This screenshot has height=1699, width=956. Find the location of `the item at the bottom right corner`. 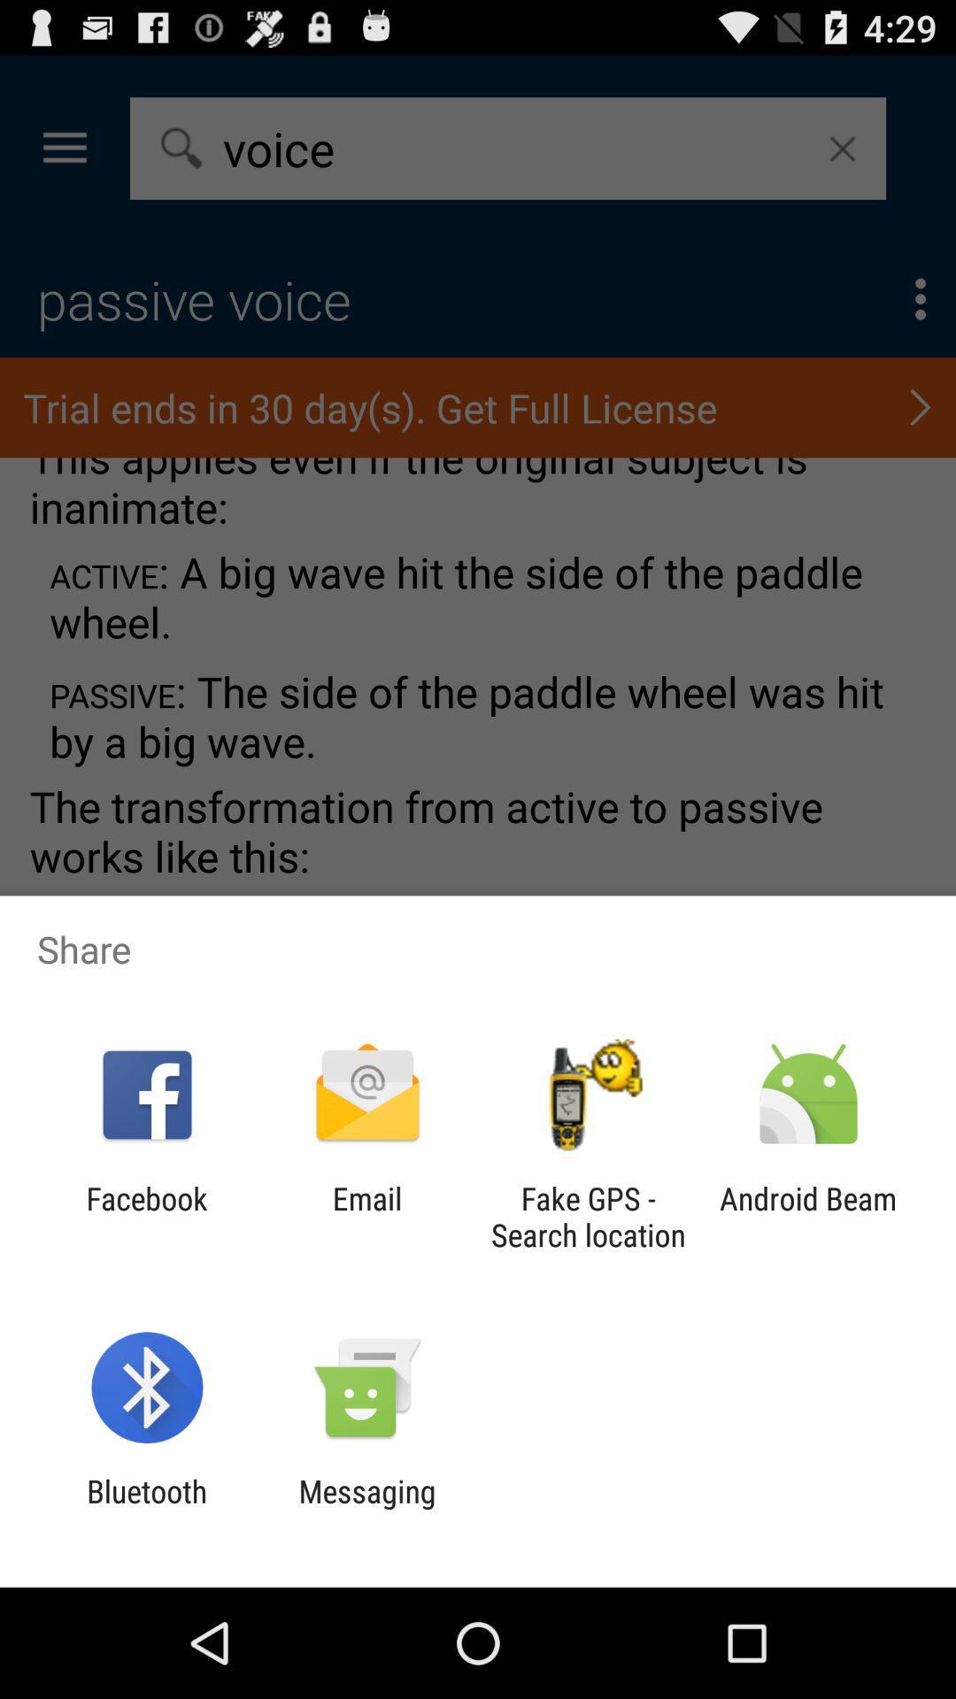

the item at the bottom right corner is located at coordinates (808, 1216).